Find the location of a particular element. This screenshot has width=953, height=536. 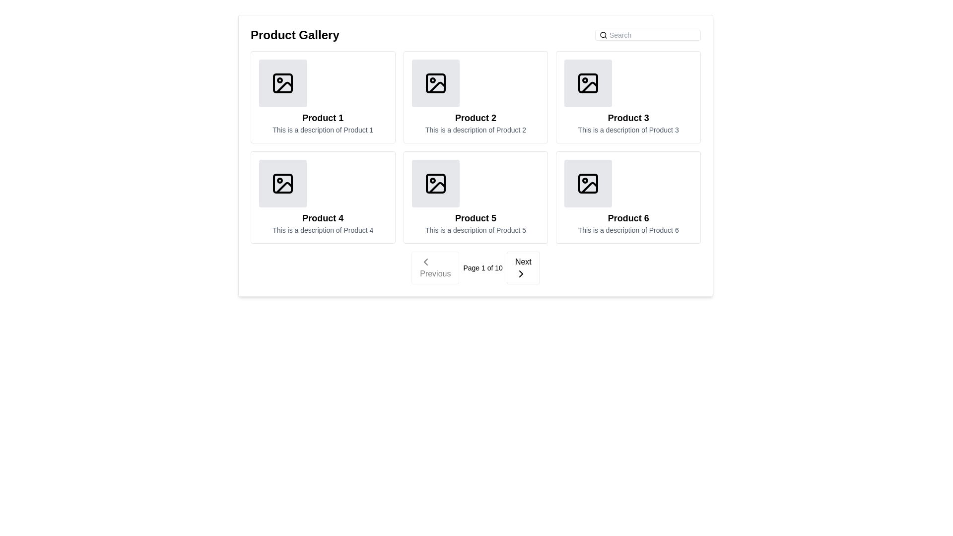

the small rectangular box with rounded corners located in the upper-left corner of the image placeholder icon in the second product card under the header 'Product 2' is located at coordinates (435, 83).